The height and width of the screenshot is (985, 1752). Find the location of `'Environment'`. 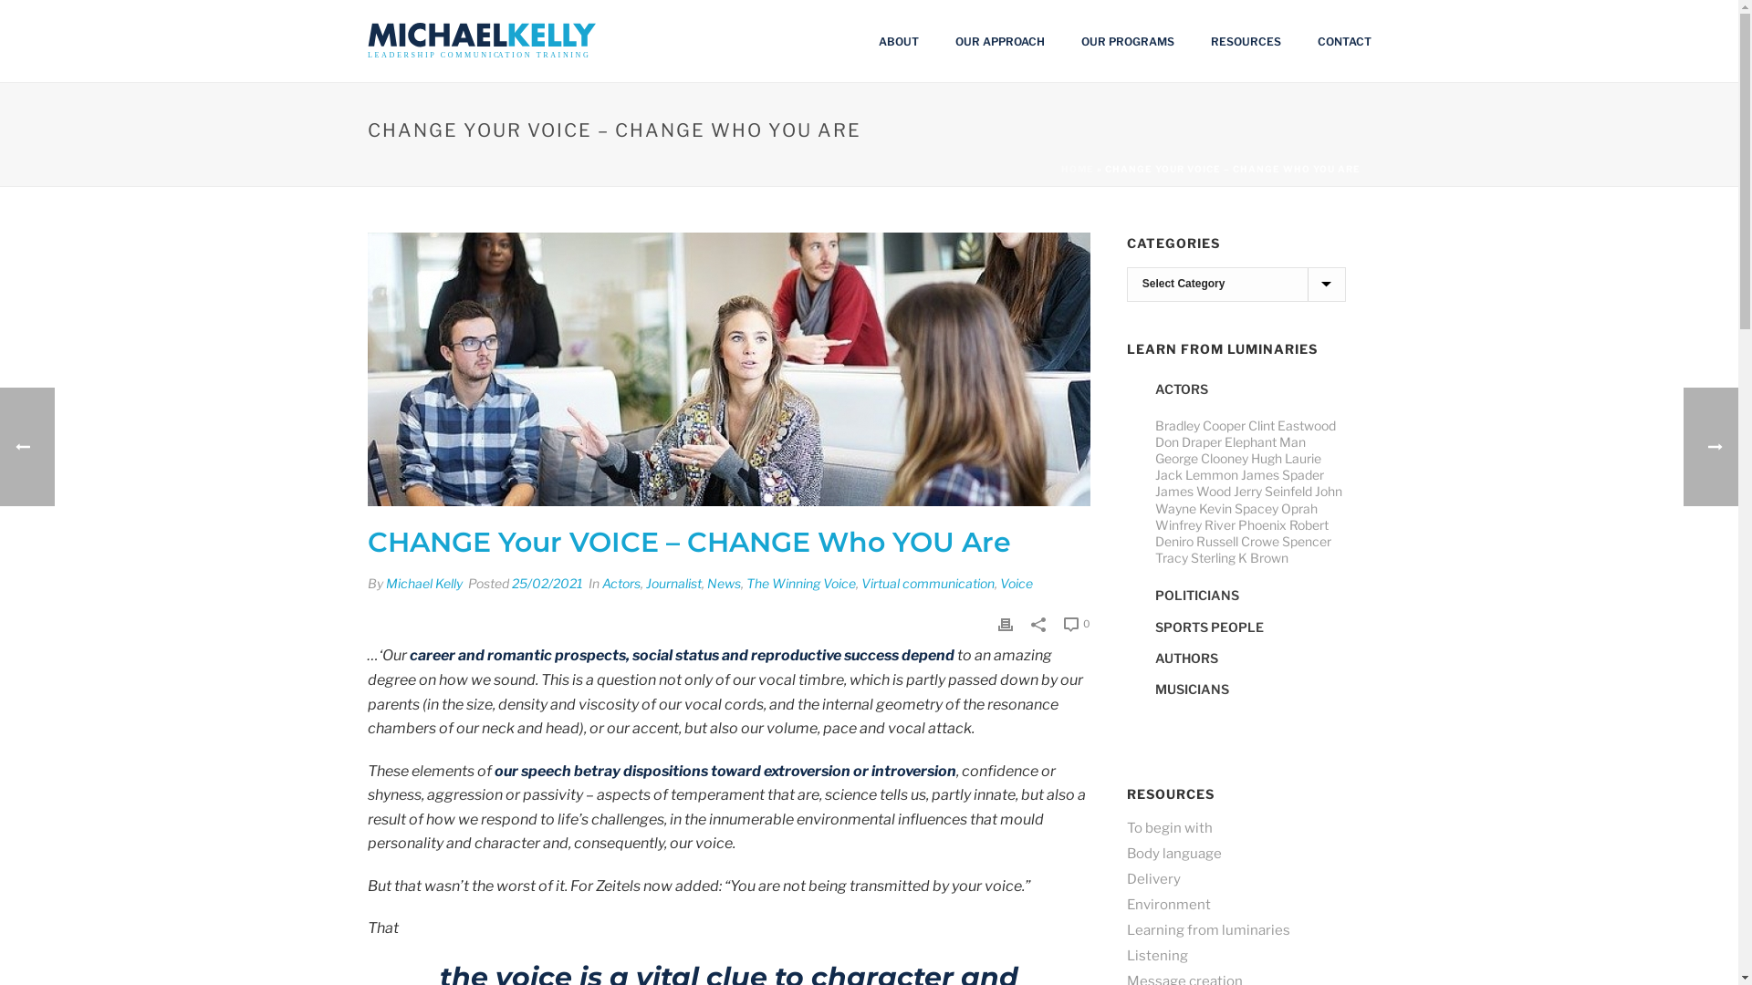

'Environment' is located at coordinates (1125, 904).